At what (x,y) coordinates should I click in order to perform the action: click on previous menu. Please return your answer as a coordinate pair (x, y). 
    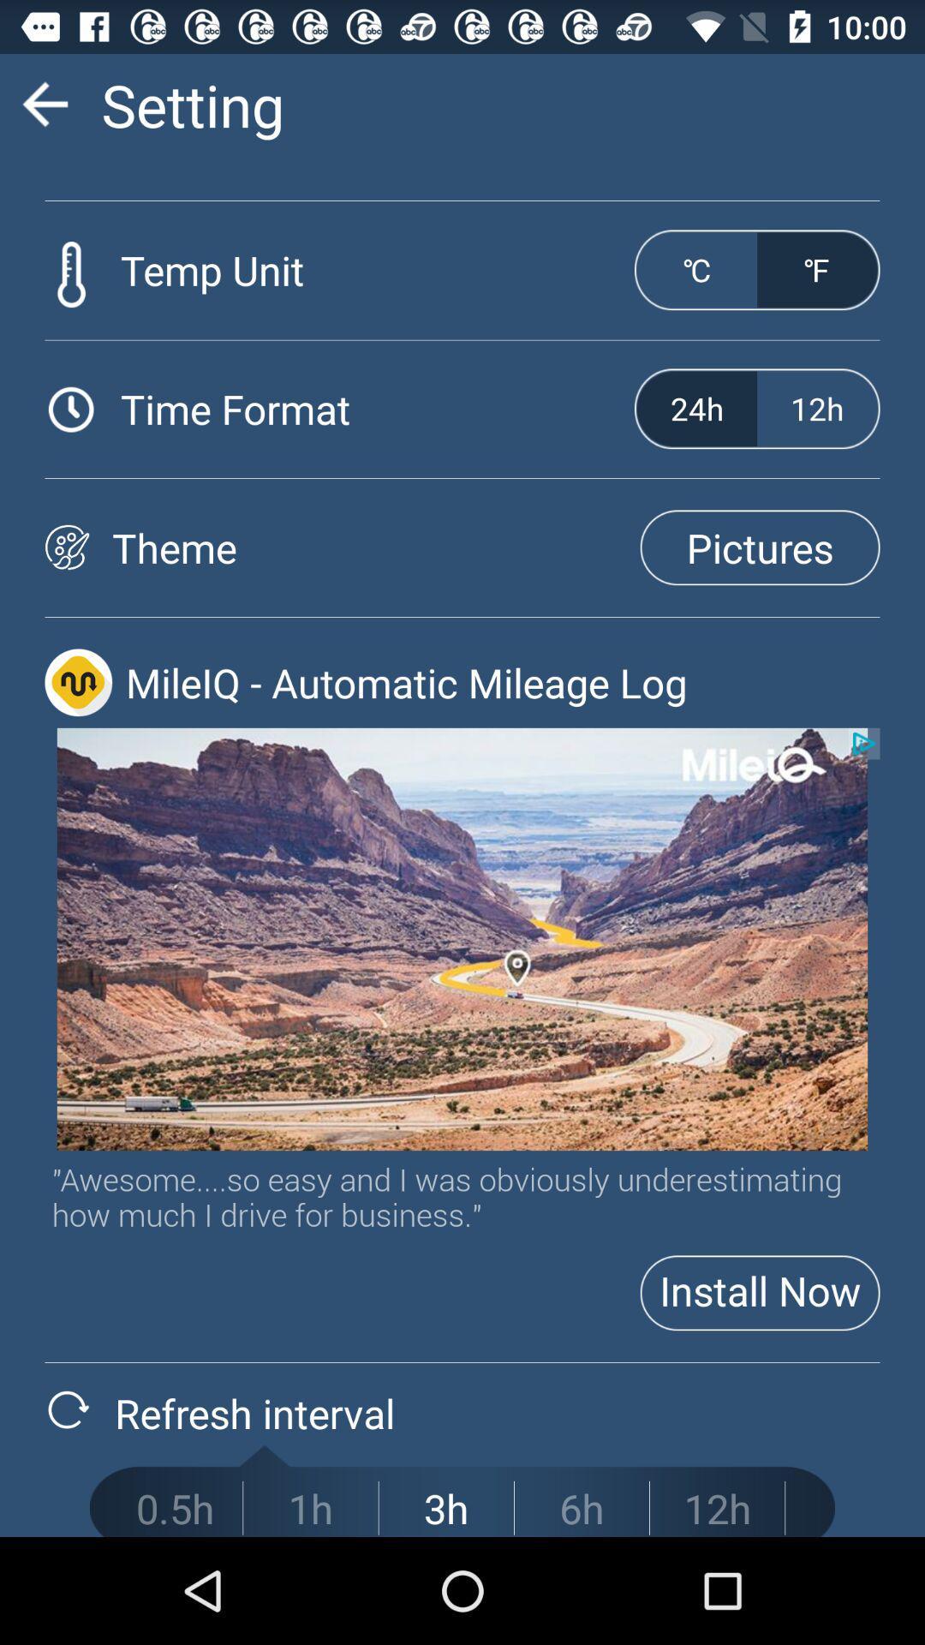
    Looking at the image, I should click on (44, 103).